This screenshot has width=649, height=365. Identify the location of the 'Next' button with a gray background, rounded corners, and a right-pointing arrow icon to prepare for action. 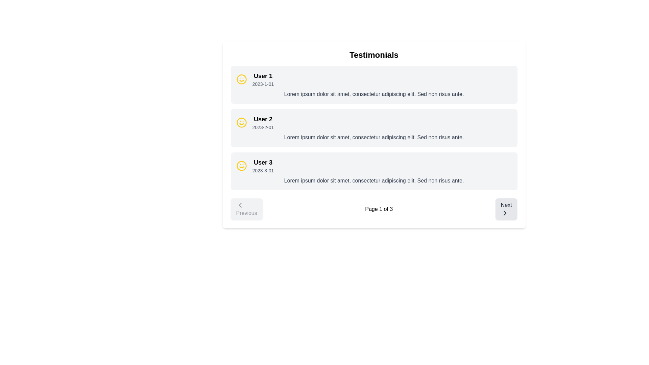
(506, 209).